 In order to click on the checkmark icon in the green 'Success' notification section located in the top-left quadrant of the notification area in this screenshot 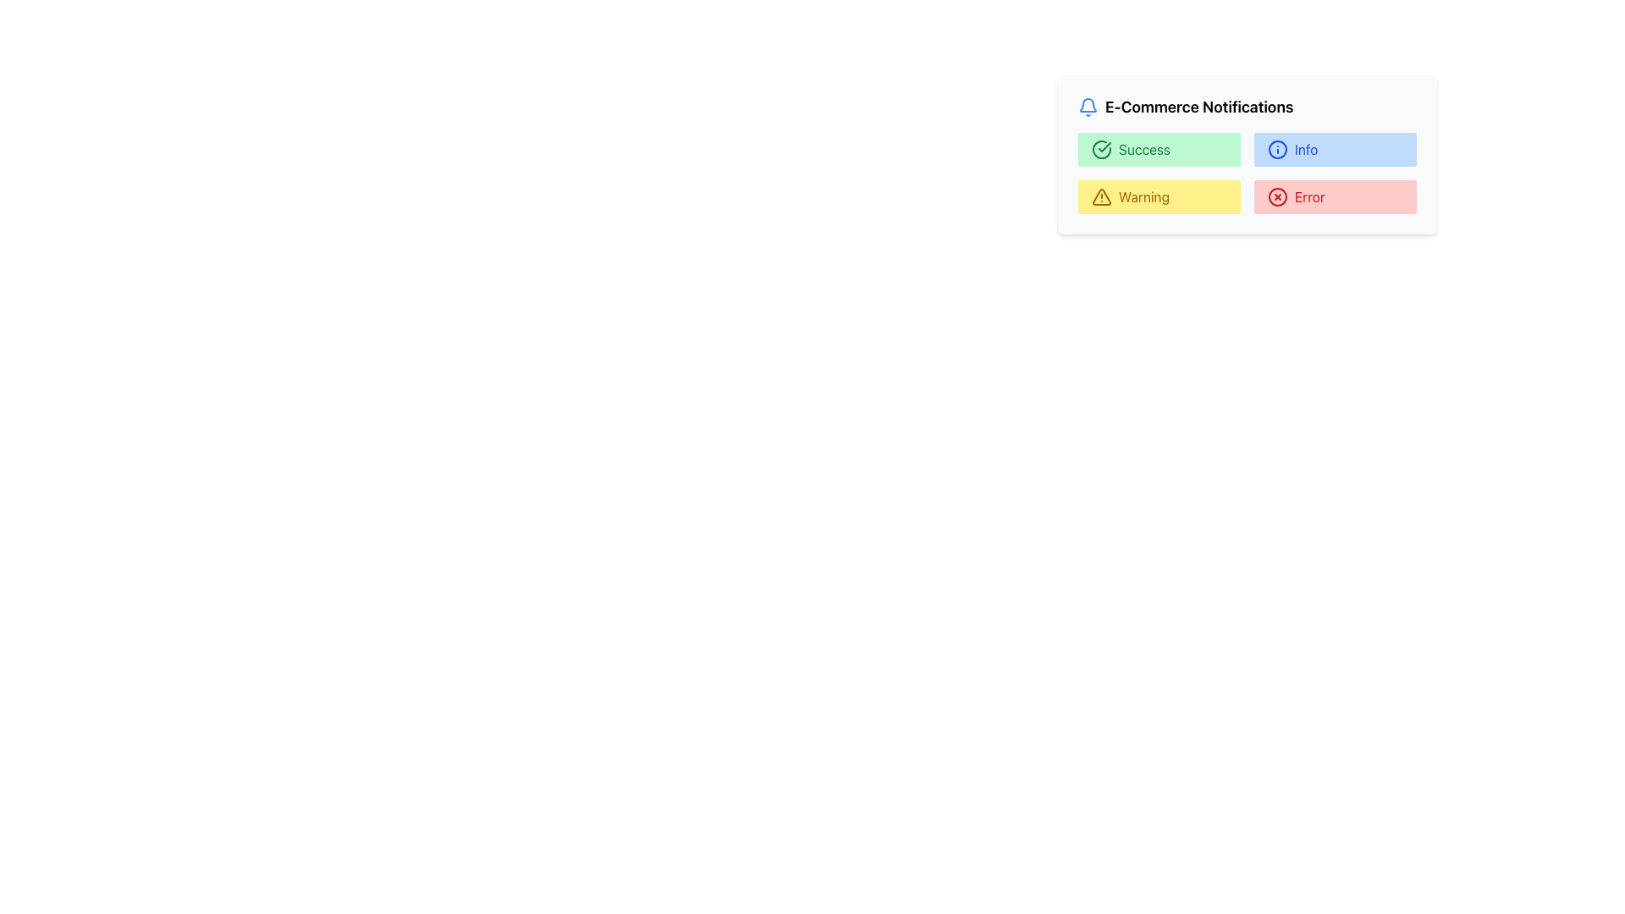, I will do `click(1104, 146)`.